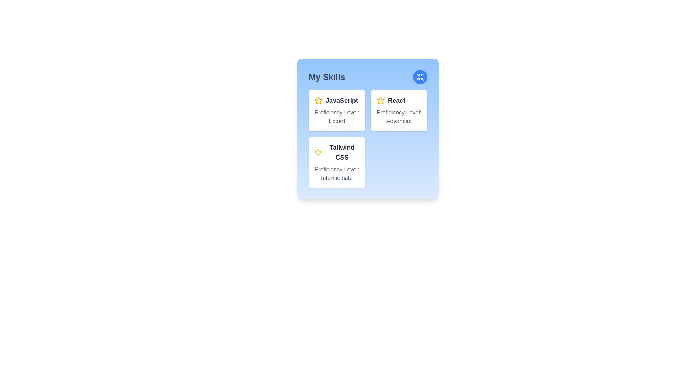  What do you see at coordinates (399, 111) in the screenshot?
I see `the Information card displaying the skill name 'React' with proficiency level 'Advanced', located in the second column under 'My Skills'` at bounding box center [399, 111].